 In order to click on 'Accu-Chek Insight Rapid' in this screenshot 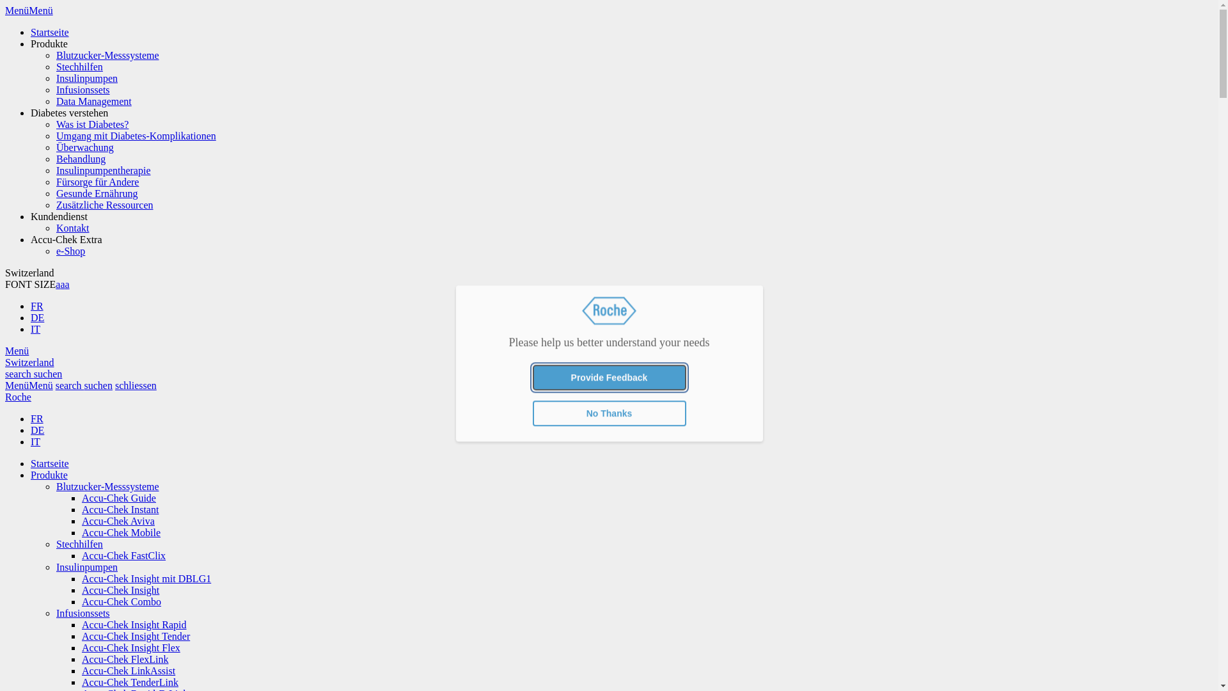, I will do `click(134, 624)`.